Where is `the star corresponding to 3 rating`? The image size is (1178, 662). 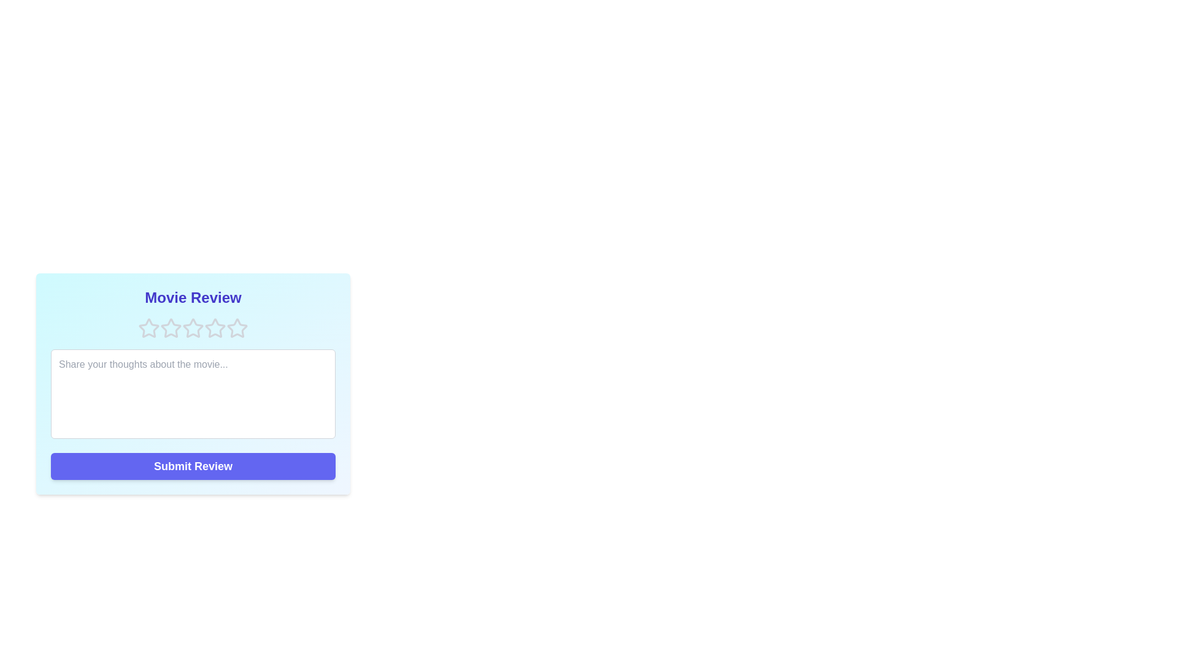 the star corresponding to 3 rating is located at coordinates (193, 328).